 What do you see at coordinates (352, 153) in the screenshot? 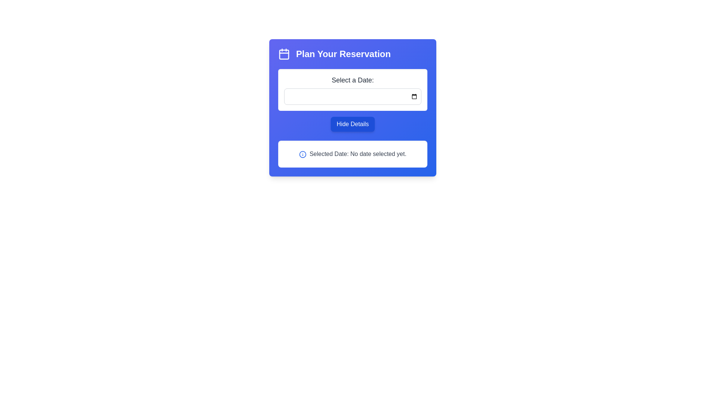
I see `the static informational box displaying 'Selected Date: No date selected yet.' which contains a small blue information icon at the beginning of the text` at bounding box center [352, 153].